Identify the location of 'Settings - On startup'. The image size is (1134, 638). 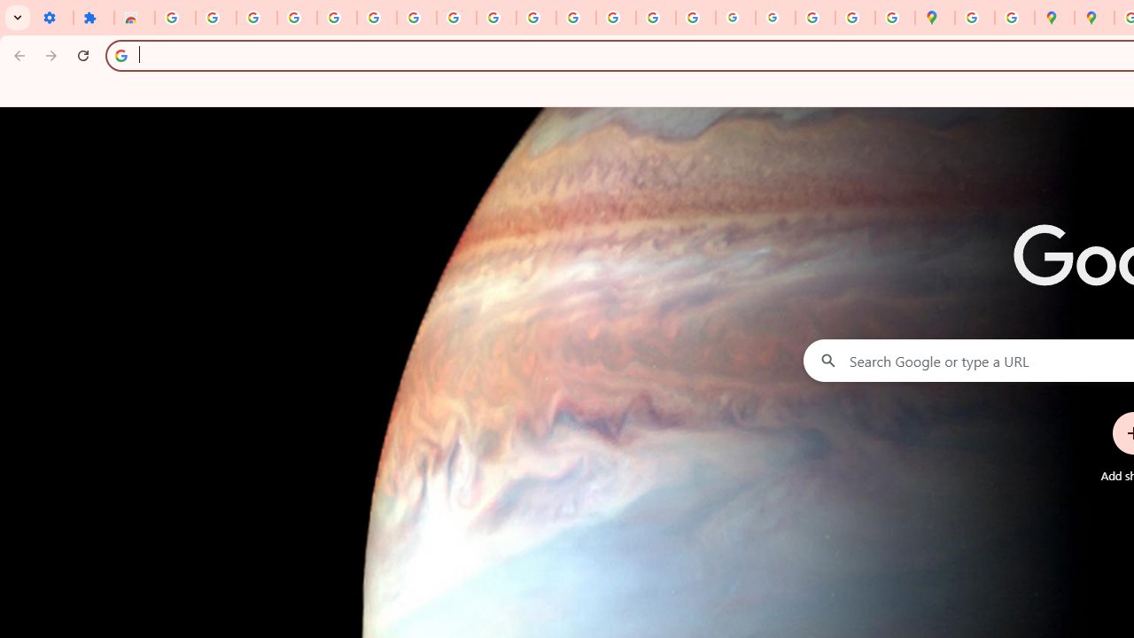
(53, 18).